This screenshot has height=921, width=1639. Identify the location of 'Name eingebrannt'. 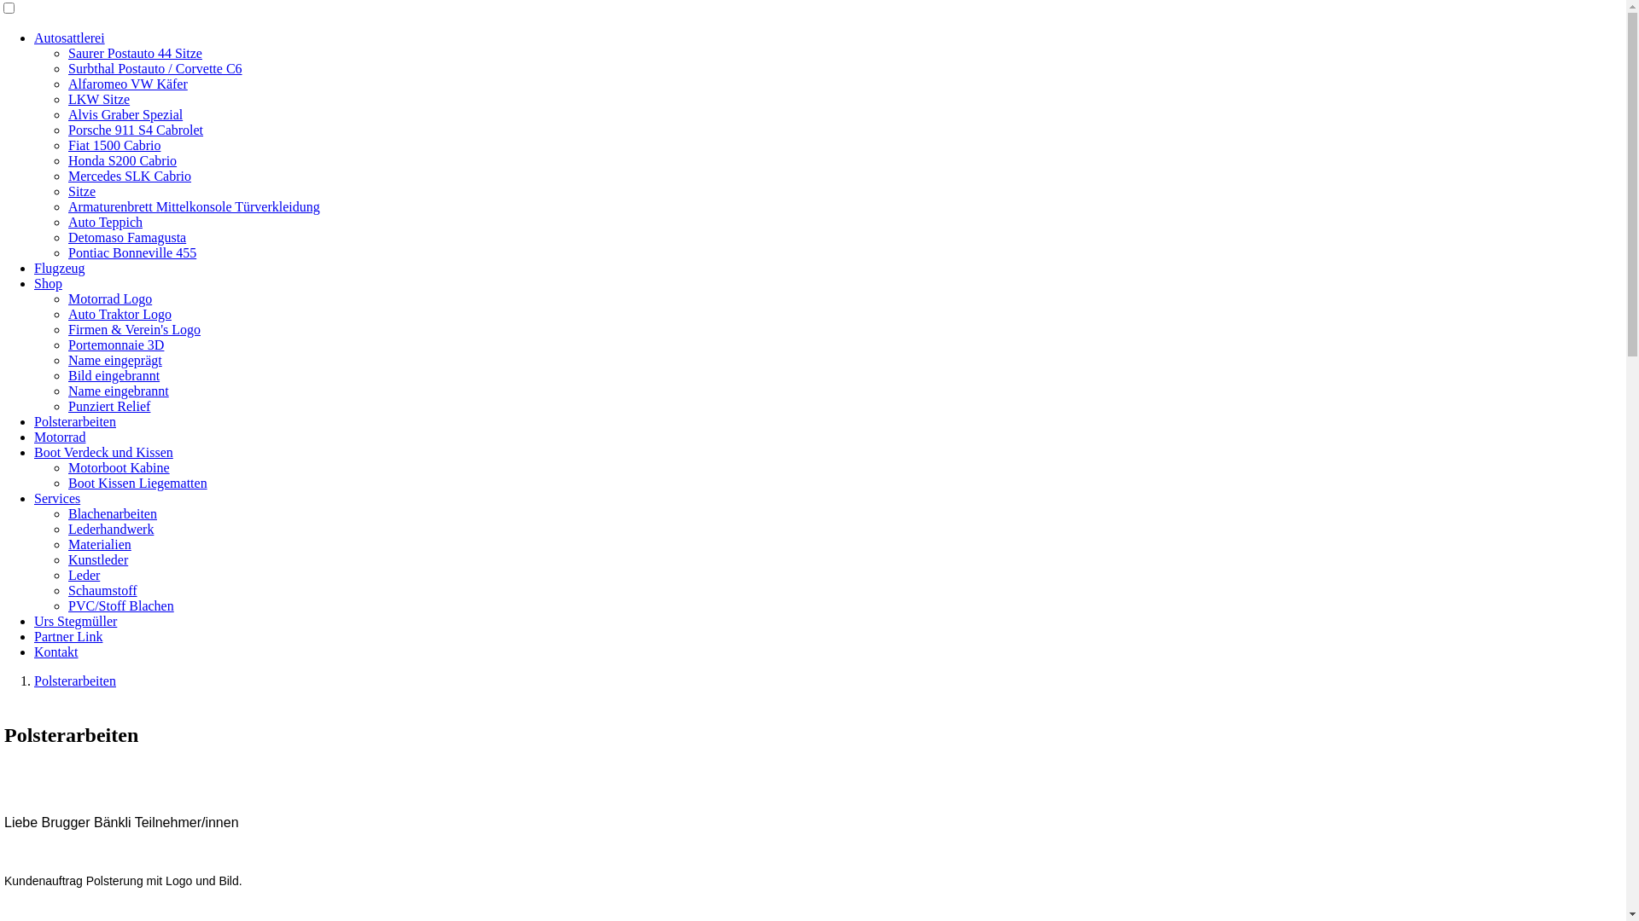
(118, 391).